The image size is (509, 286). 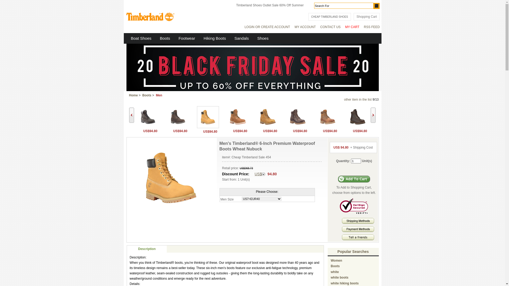 What do you see at coordinates (345, 283) in the screenshot?
I see `'white hiking boots'` at bounding box center [345, 283].